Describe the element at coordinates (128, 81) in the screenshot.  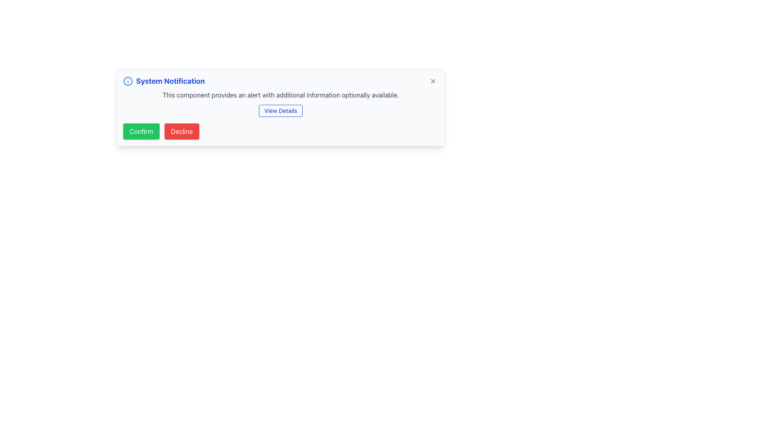
I see `the circular non-interactive icon component of the information icon located at the top left of the notification card header` at that location.